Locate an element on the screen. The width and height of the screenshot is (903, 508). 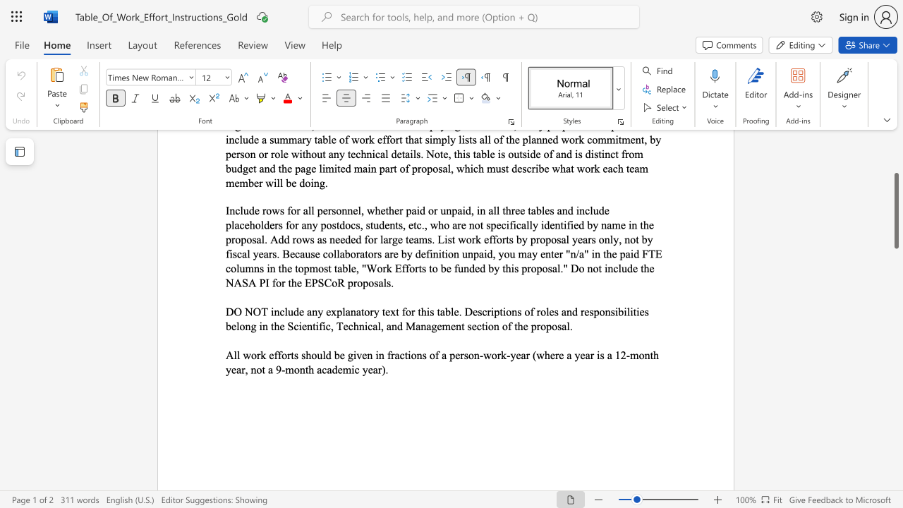
the scrollbar and move down 1210 pixels is located at coordinates (895, 210).